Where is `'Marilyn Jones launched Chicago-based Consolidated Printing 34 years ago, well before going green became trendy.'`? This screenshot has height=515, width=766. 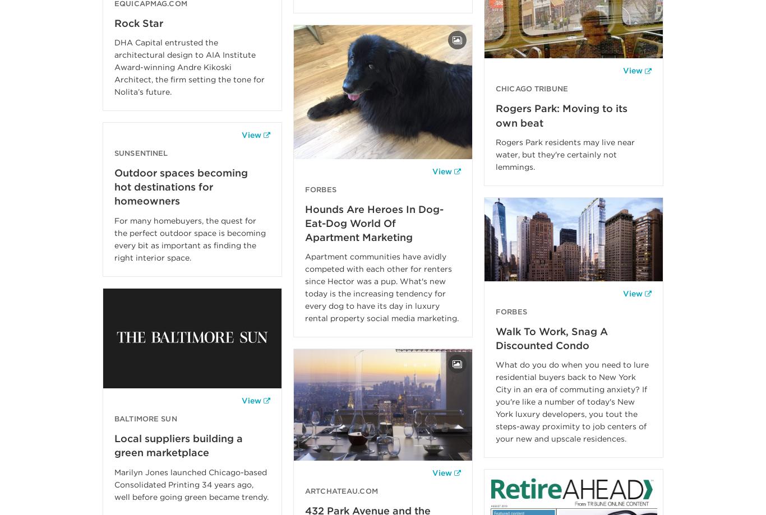
'Marilyn Jones launched Chicago-based Consolidated Printing 34 years ago, well before going green became trendy.' is located at coordinates (191, 484).